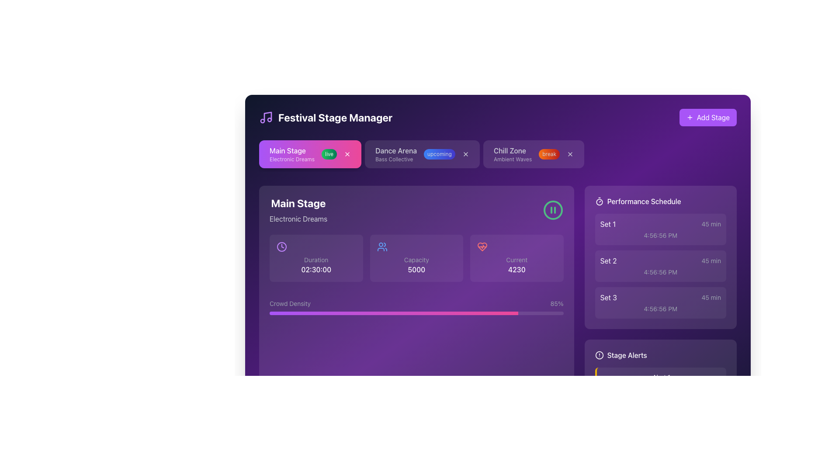 Image resolution: width=839 pixels, height=472 pixels. What do you see at coordinates (660, 260) in the screenshot?
I see `displayed information from the Informational entry labeled 'Set 2' with duration '45 min' in the 'Performance Schedule' section, which is the second entry in the list` at bounding box center [660, 260].